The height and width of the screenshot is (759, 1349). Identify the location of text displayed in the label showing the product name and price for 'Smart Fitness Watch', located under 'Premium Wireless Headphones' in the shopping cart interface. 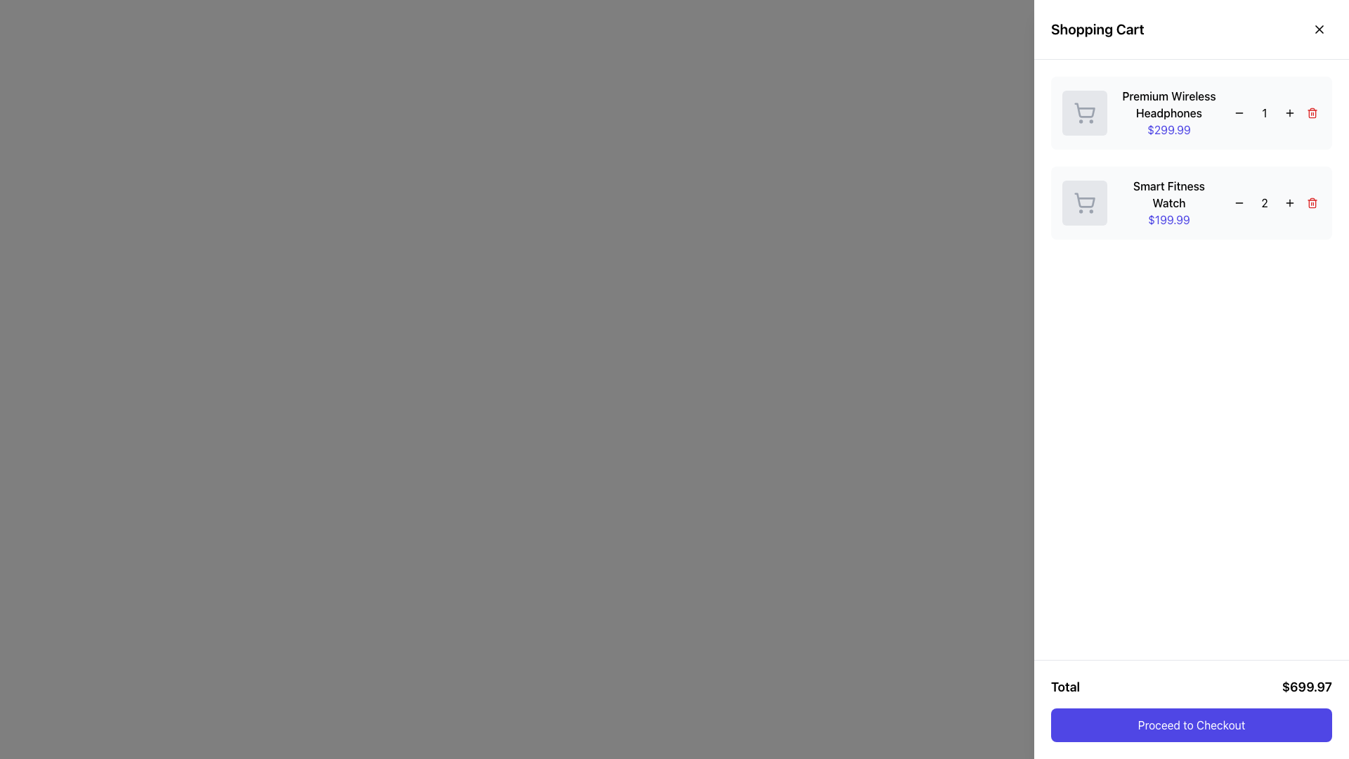
(1169, 203).